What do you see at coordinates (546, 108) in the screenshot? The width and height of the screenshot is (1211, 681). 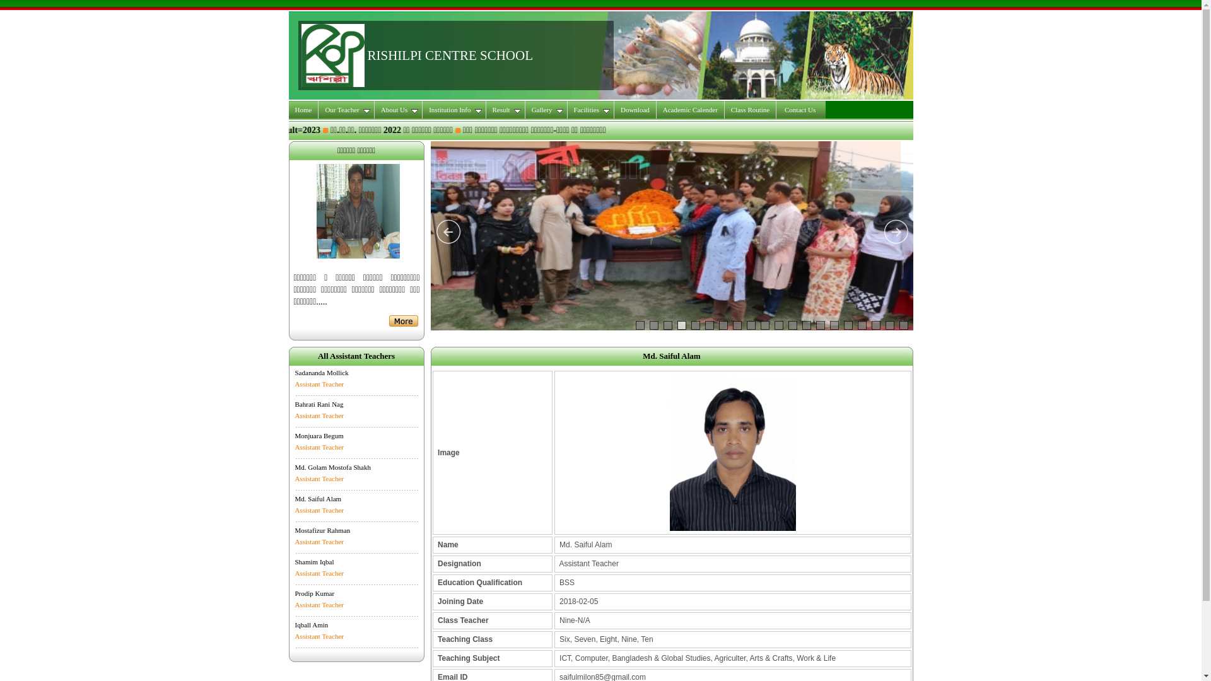 I see `'Gallery'` at bounding box center [546, 108].